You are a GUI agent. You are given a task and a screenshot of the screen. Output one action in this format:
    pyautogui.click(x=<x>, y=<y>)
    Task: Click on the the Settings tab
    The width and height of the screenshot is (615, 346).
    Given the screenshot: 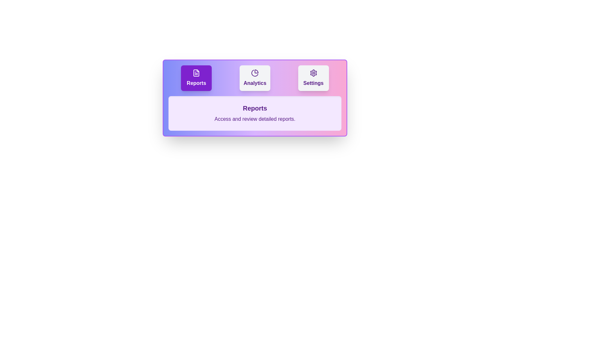 What is the action you would take?
    pyautogui.click(x=313, y=78)
    